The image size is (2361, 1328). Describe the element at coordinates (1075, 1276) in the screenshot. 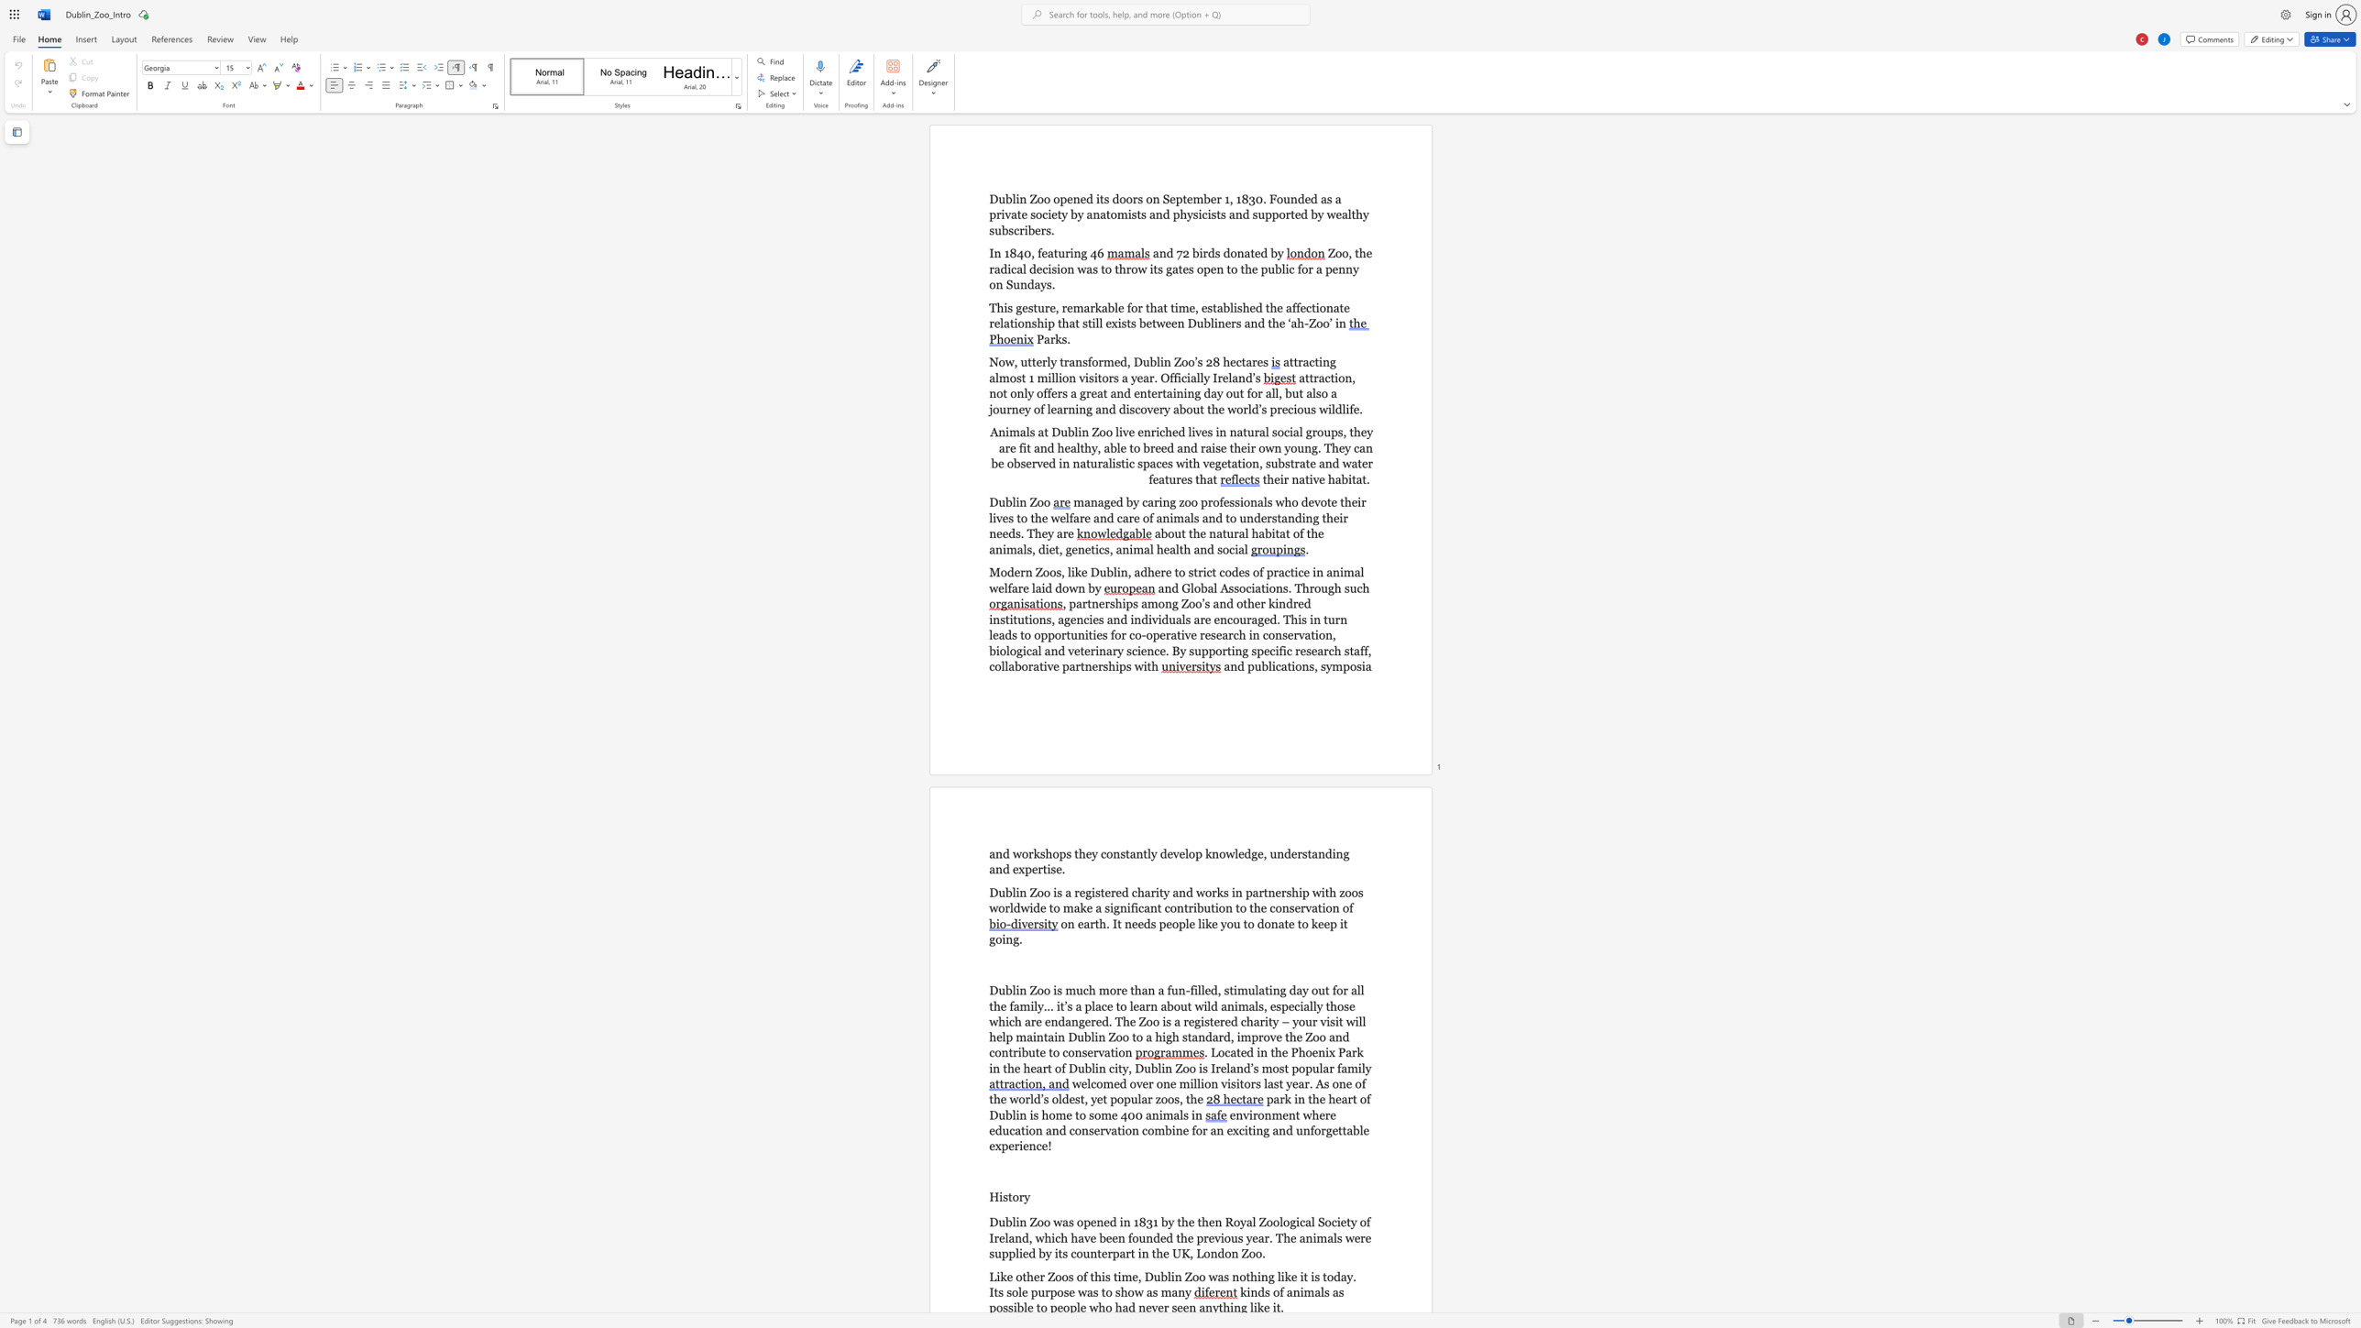

I see `the subset text "of this ti" within the text "Like other Zoos of this time, Dublin Zoo was nothing like it is today. Its sole purpose was to show as many"` at that location.